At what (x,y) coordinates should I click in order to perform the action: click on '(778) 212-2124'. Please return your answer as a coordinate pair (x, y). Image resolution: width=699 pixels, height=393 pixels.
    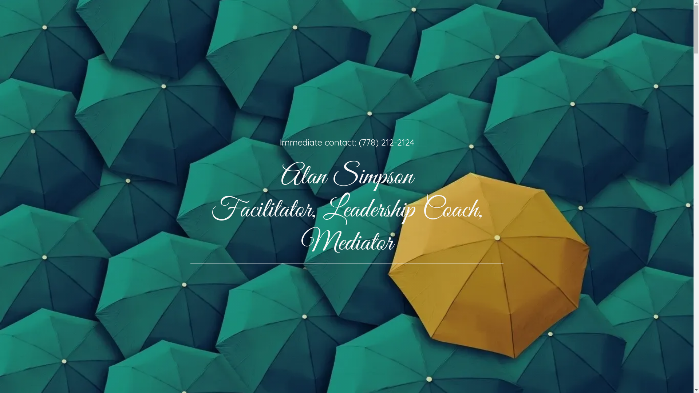
    Looking at the image, I should click on (358, 142).